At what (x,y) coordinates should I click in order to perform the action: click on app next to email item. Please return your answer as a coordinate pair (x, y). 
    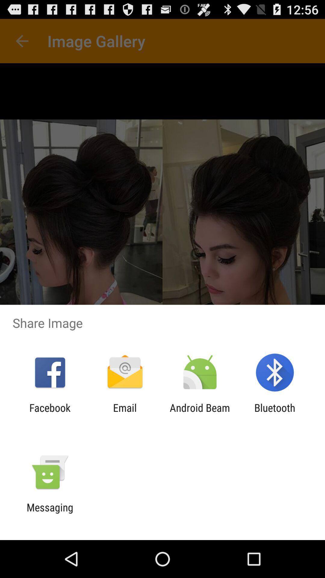
    Looking at the image, I should click on (200, 414).